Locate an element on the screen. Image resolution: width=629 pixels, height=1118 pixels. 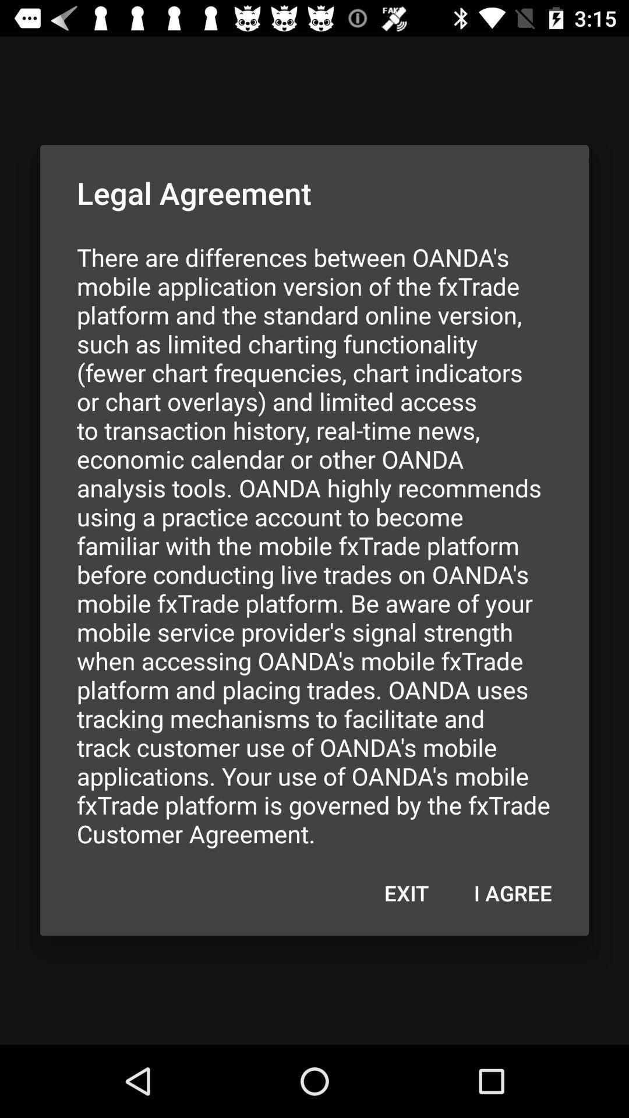
icon at the bottom right corner is located at coordinates (512, 892).